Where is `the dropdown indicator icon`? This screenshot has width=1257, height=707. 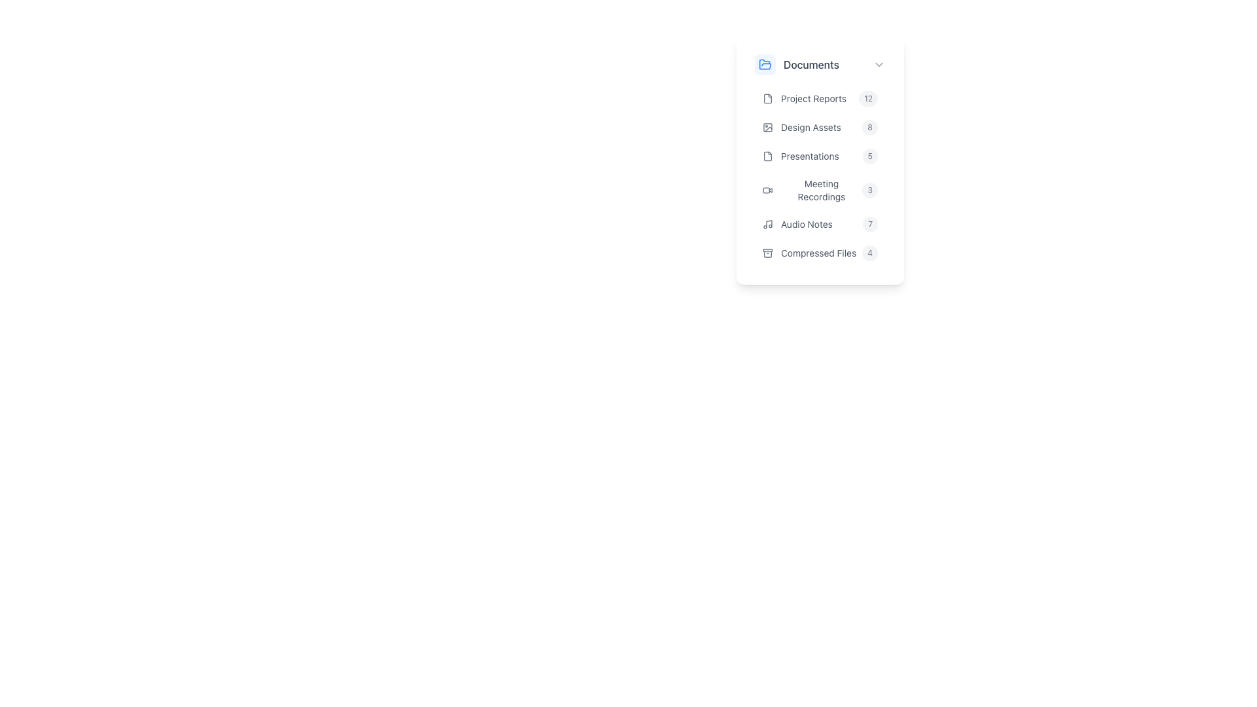 the dropdown indicator icon is located at coordinates (879, 65).